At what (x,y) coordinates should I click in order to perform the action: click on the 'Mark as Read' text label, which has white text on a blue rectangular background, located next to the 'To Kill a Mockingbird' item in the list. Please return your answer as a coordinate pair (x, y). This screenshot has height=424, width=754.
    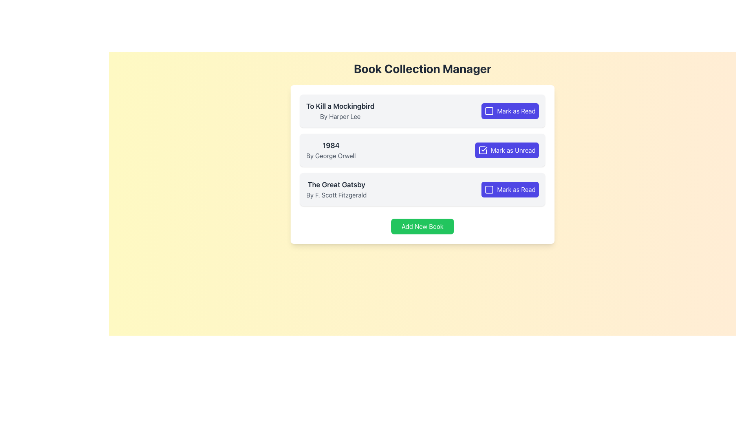
    Looking at the image, I should click on (516, 111).